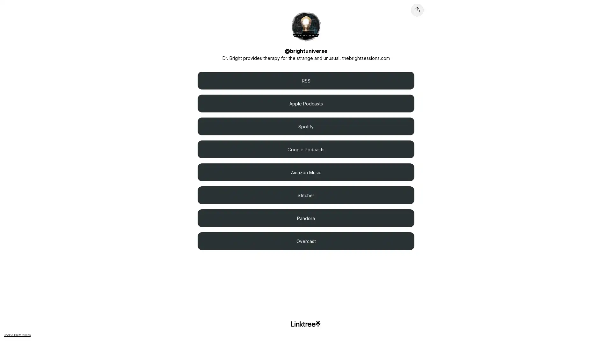 The height and width of the screenshot is (344, 612). Describe the element at coordinates (17, 334) in the screenshot. I see `Cookie Preferences` at that location.